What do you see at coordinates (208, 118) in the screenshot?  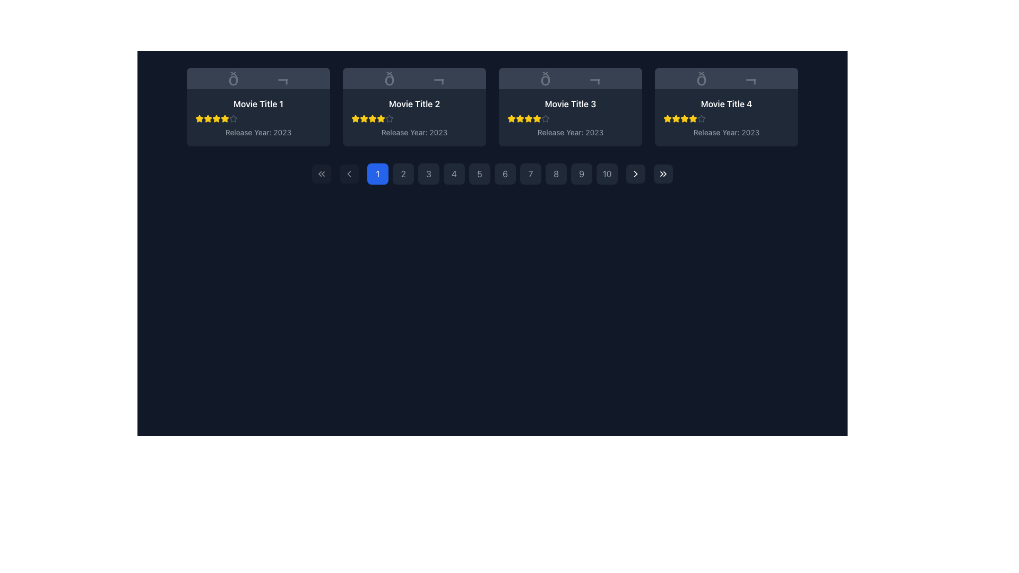 I see `the first star icon in the rating component for 'Movie Title 1' to interact with the rating` at bounding box center [208, 118].